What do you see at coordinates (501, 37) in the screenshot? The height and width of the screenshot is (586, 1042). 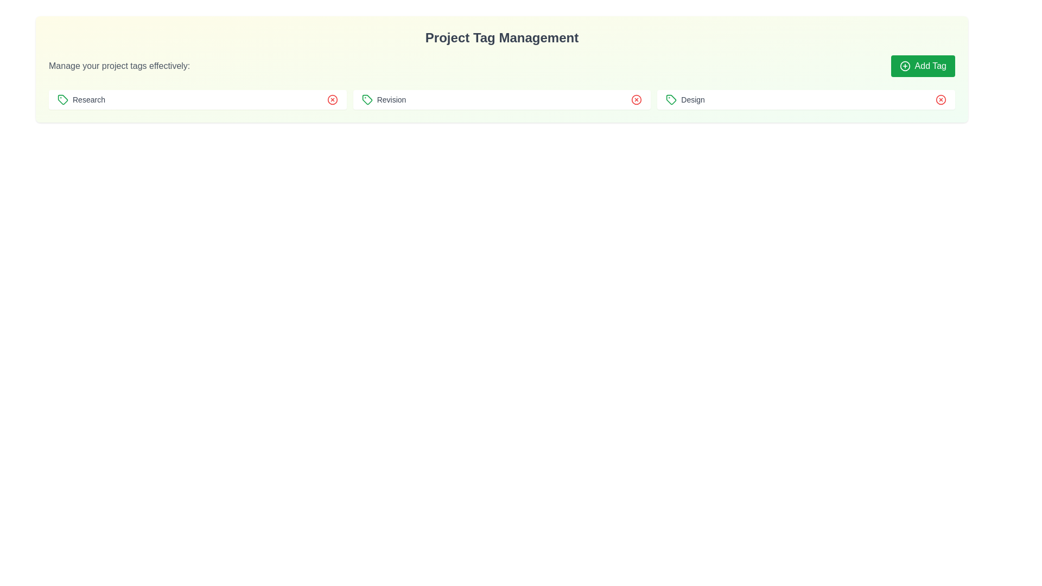 I see `the static text or label that serves as the title or header for the panel located at the upper center of the panel, above the description text and list of tags` at bounding box center [501, 37].